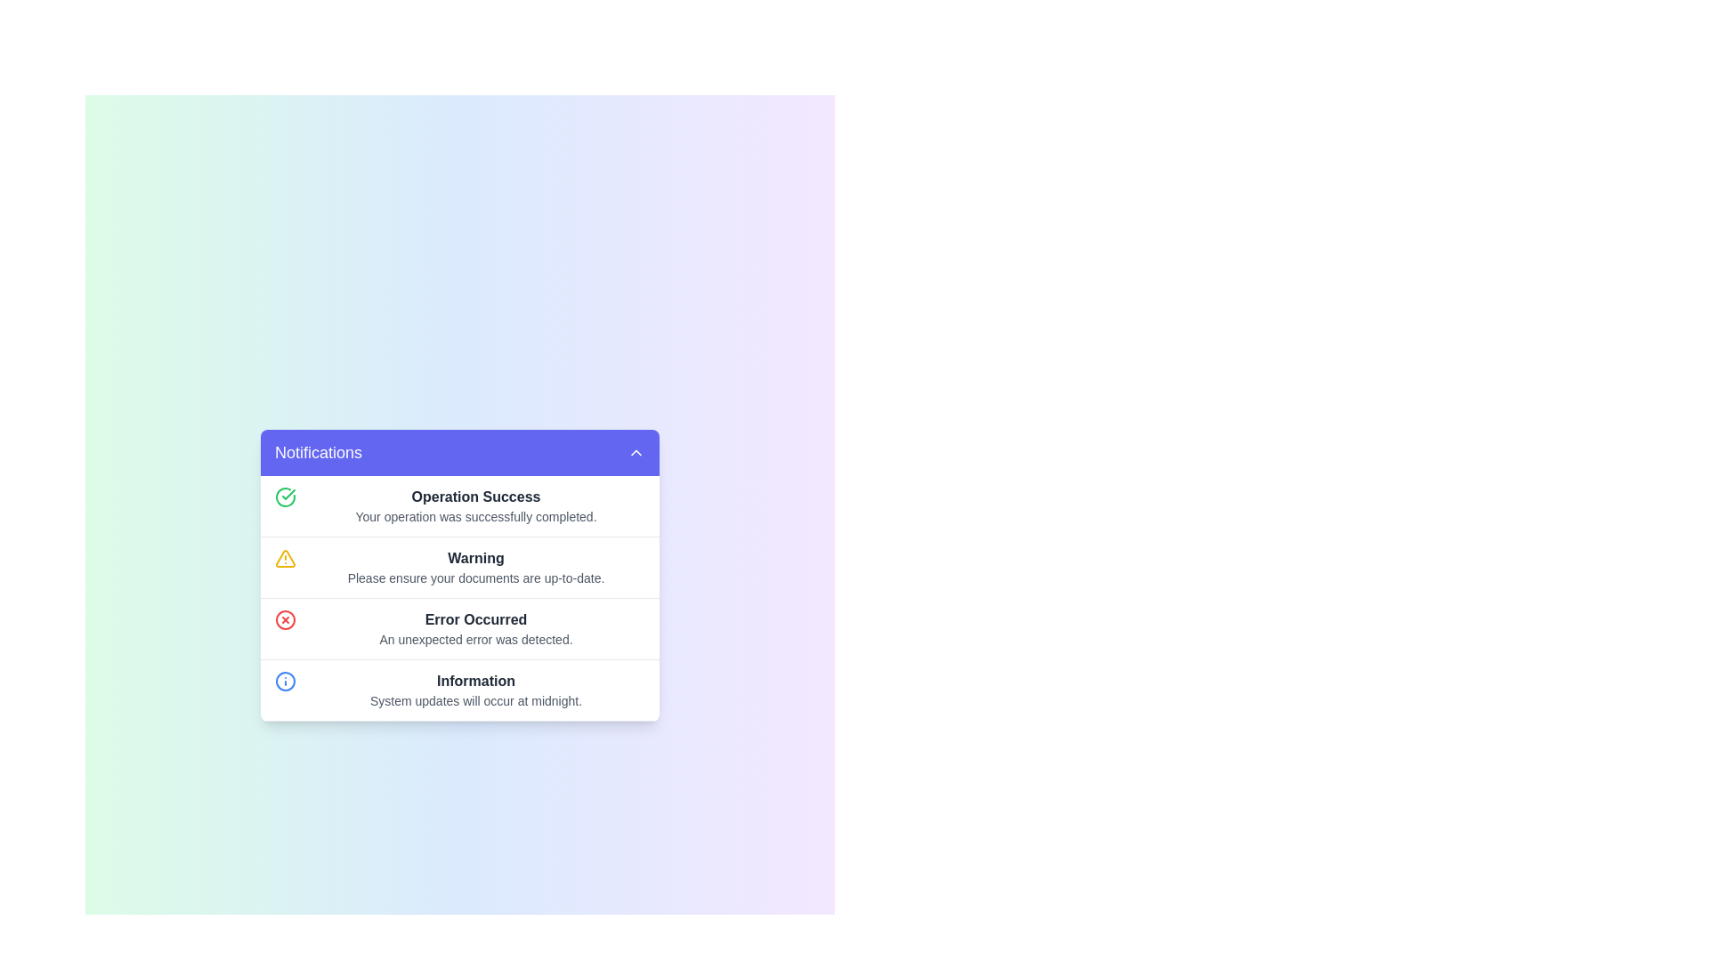 The height and width of the screenshot is (961, 1709). Describe the element at coordinates (475, 497) in the screenshot. I see `static text label 'Operation Success' that serves as the header for the notification, located in the first card of the notifications panel` at that location.